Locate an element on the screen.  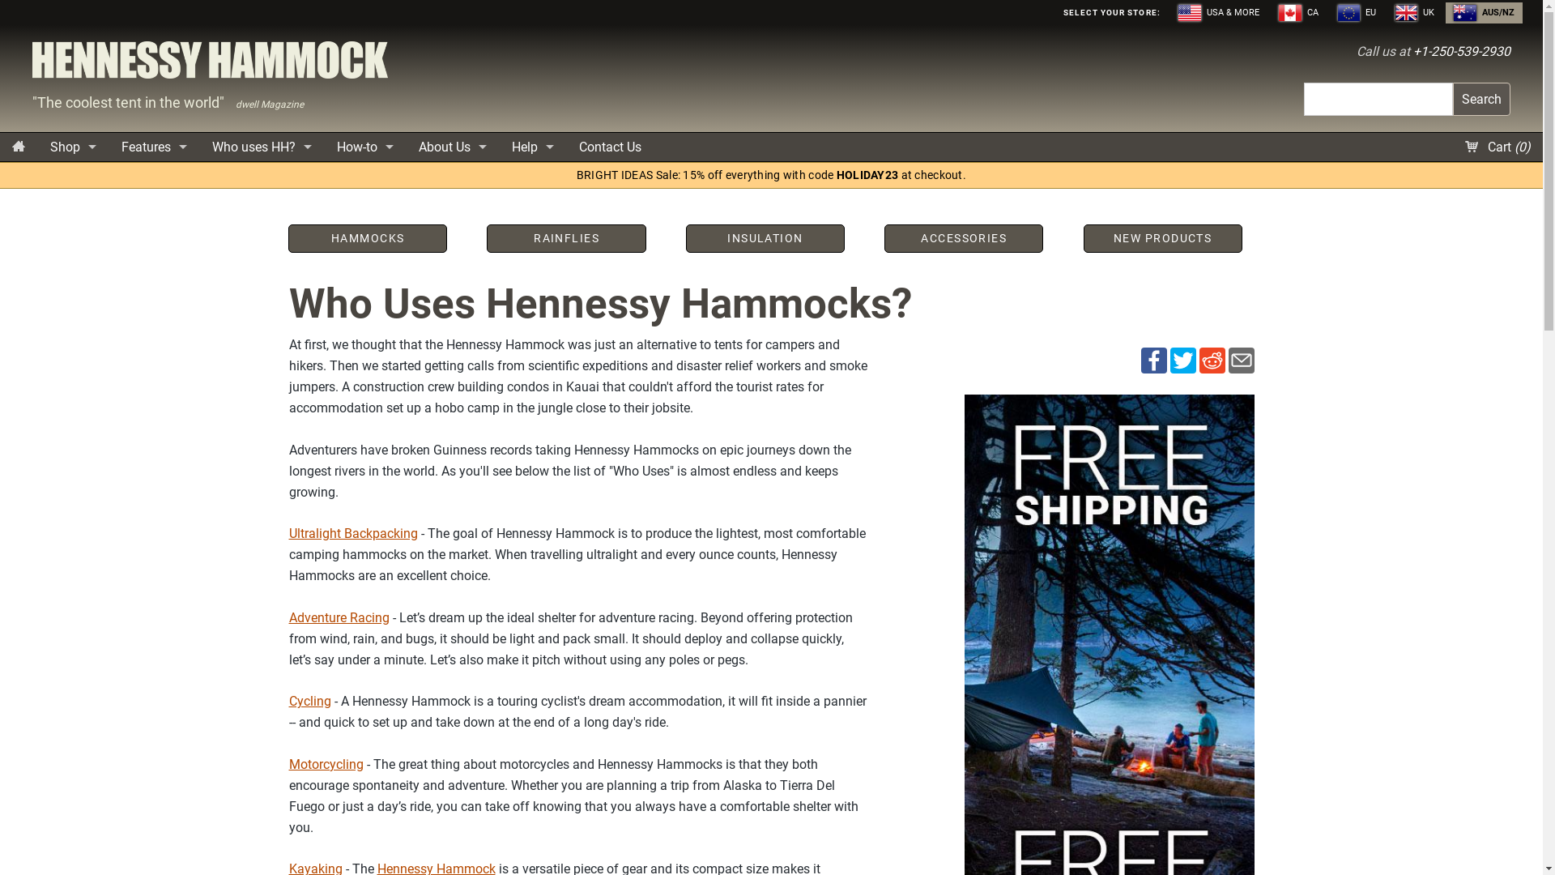
'Ultralight Backpacking' is located at coordinates (351, 533).